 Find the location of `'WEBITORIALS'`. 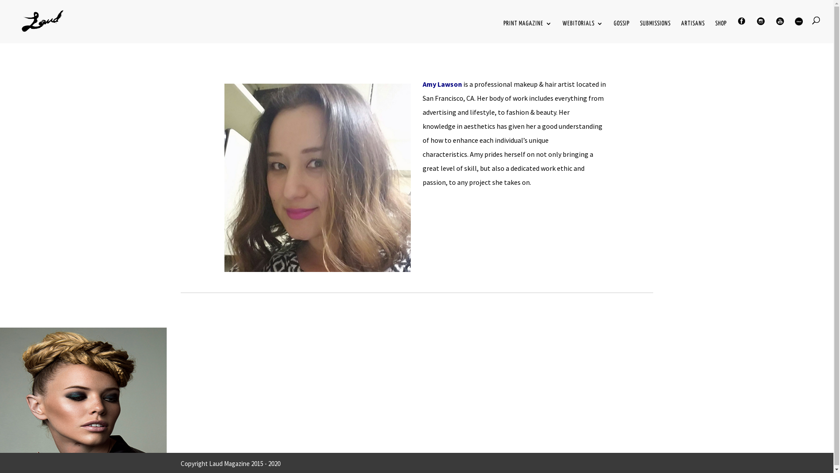

'WEBITORIALS' is located at coordinates (583, 32).